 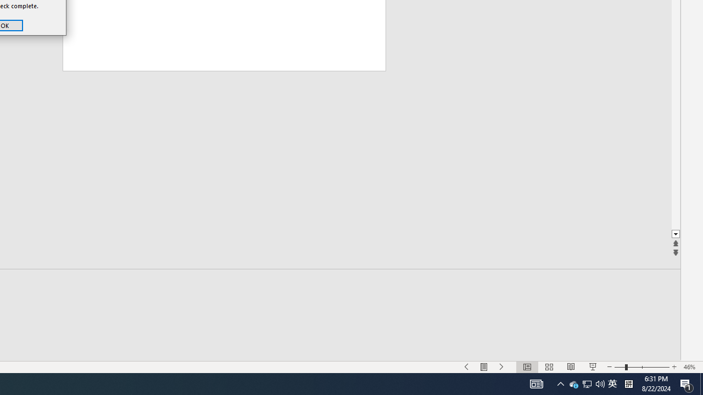 I want to click on 'Zoom 46%', so click(x=690, y=367).